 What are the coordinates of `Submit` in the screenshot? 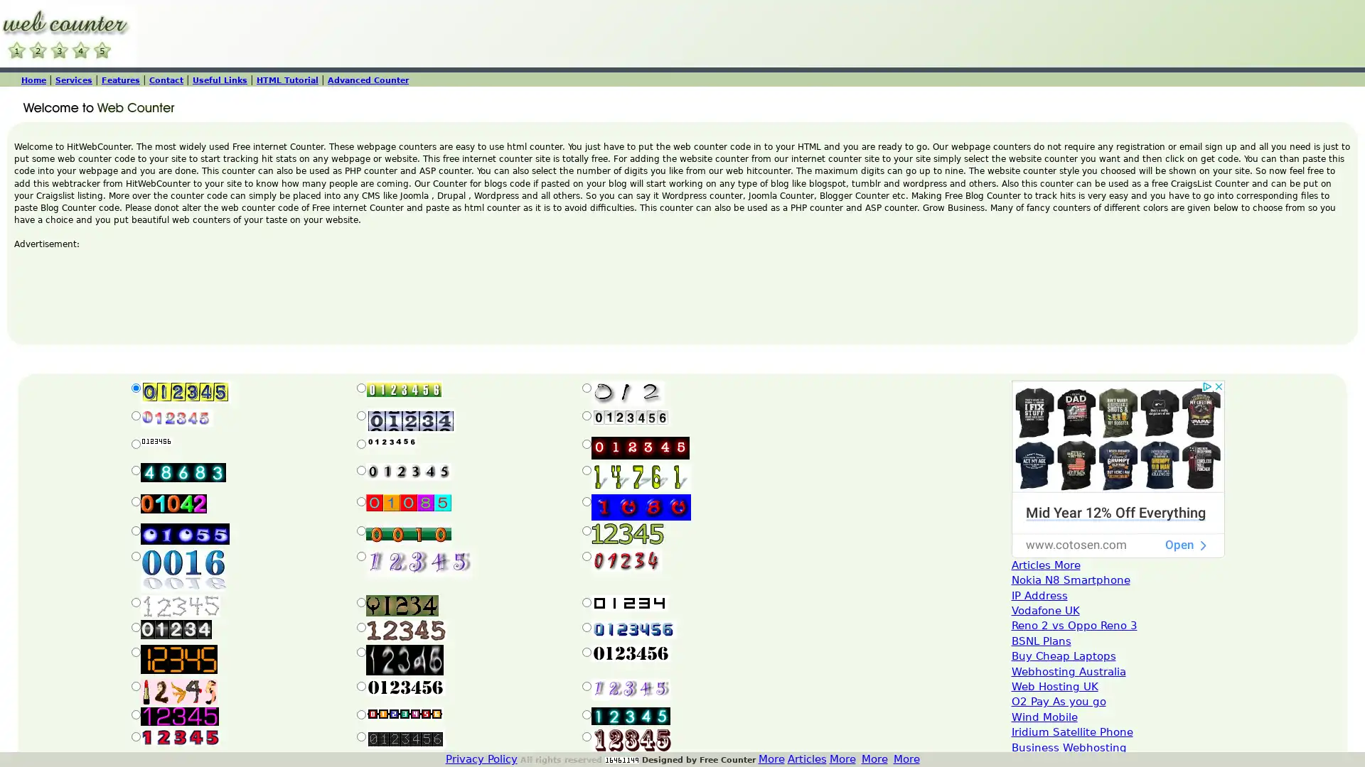 It's located at (180, 605).